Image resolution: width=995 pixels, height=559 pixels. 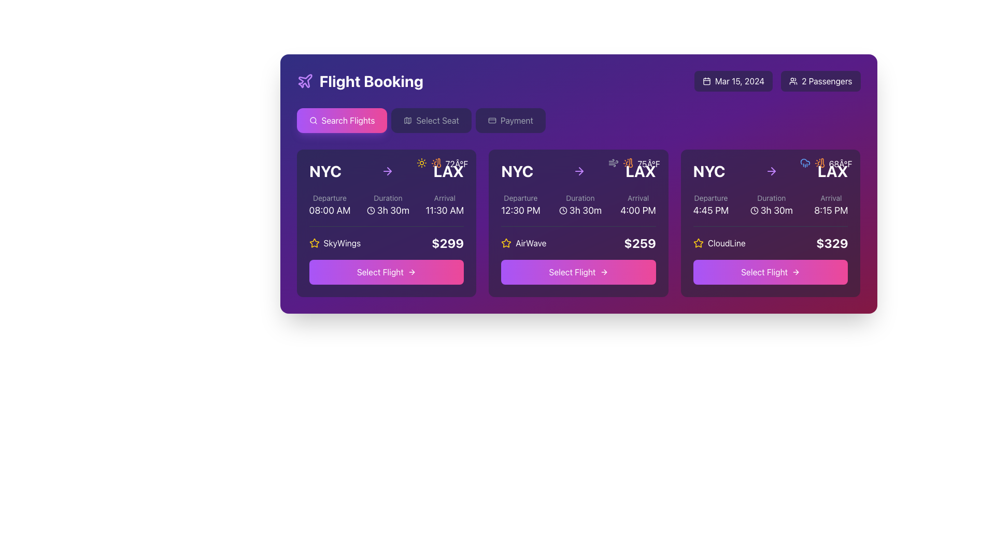 I want to click on the Navigation bar with buttons, so click(x=578, y=120).